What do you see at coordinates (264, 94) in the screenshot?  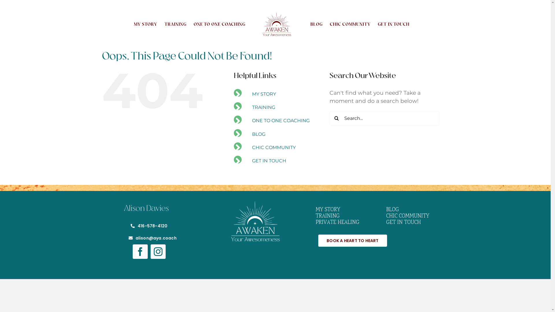 I see `'MY STORY'` at bounding box center [264, 94].